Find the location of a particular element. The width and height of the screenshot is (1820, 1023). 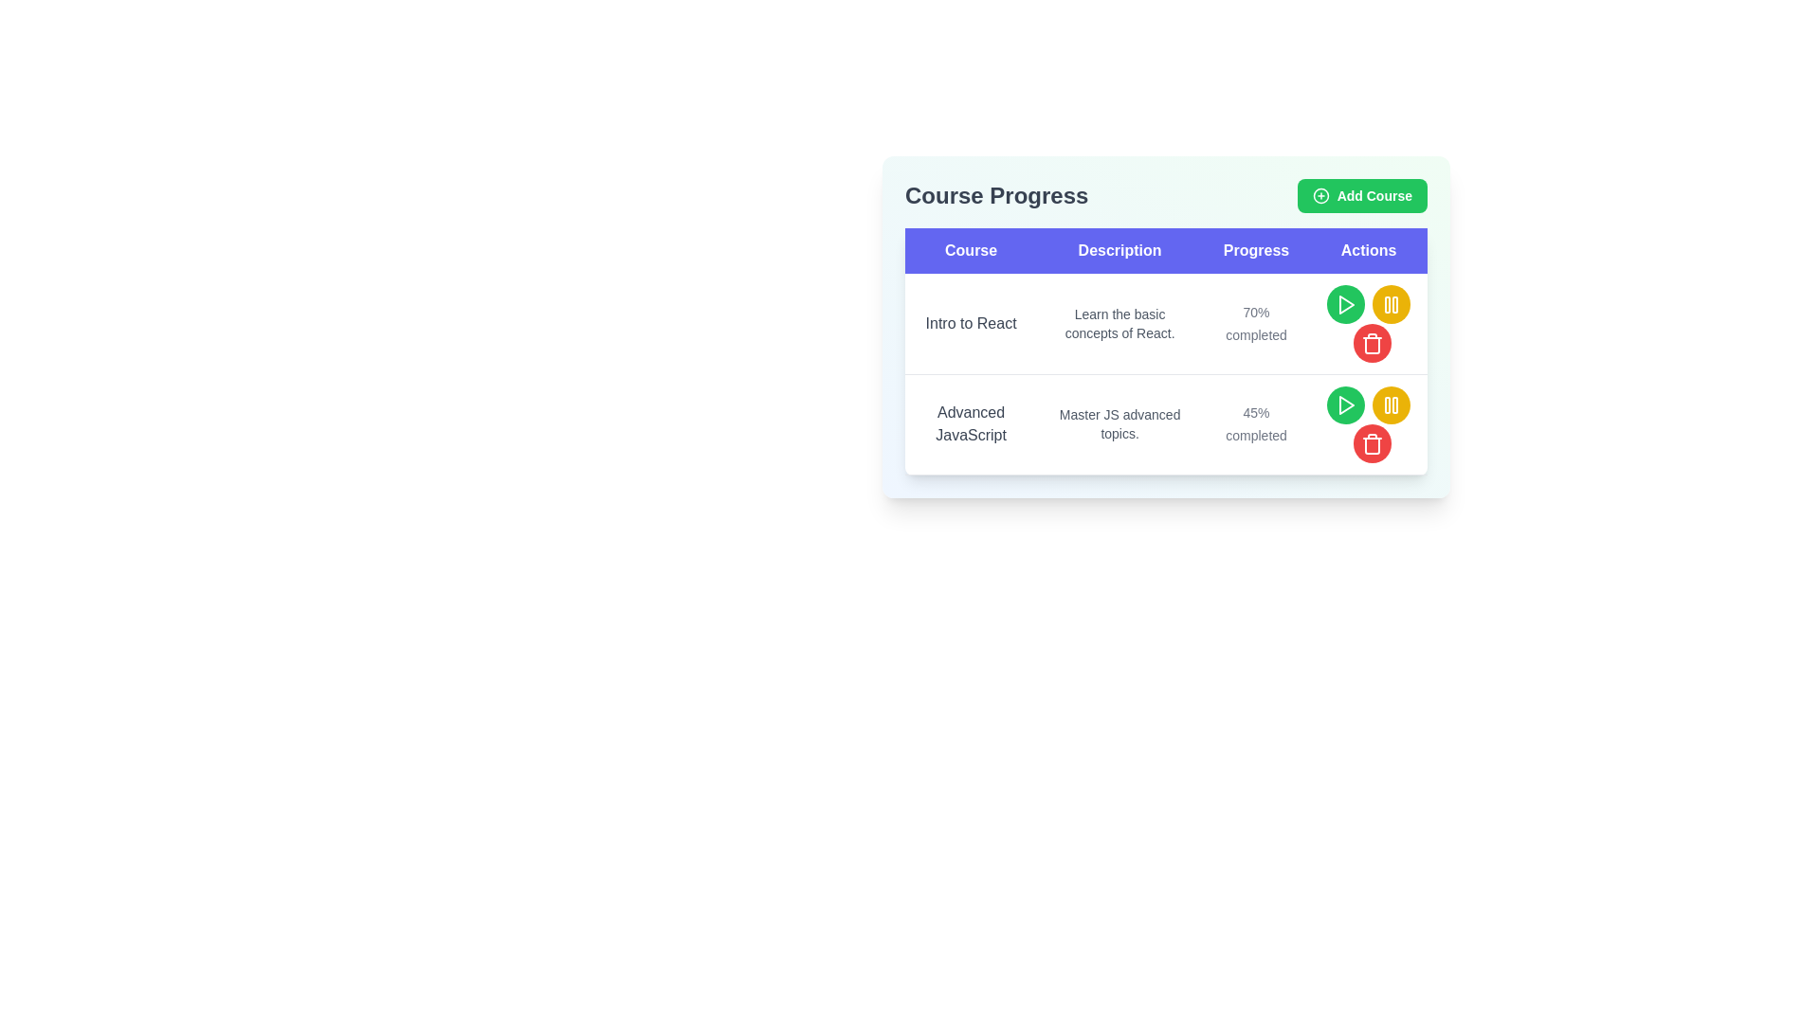

the deletion button located in the 'Actions' column of the second row, which is nested within a red circular background is located at coordinates (1373, 343).